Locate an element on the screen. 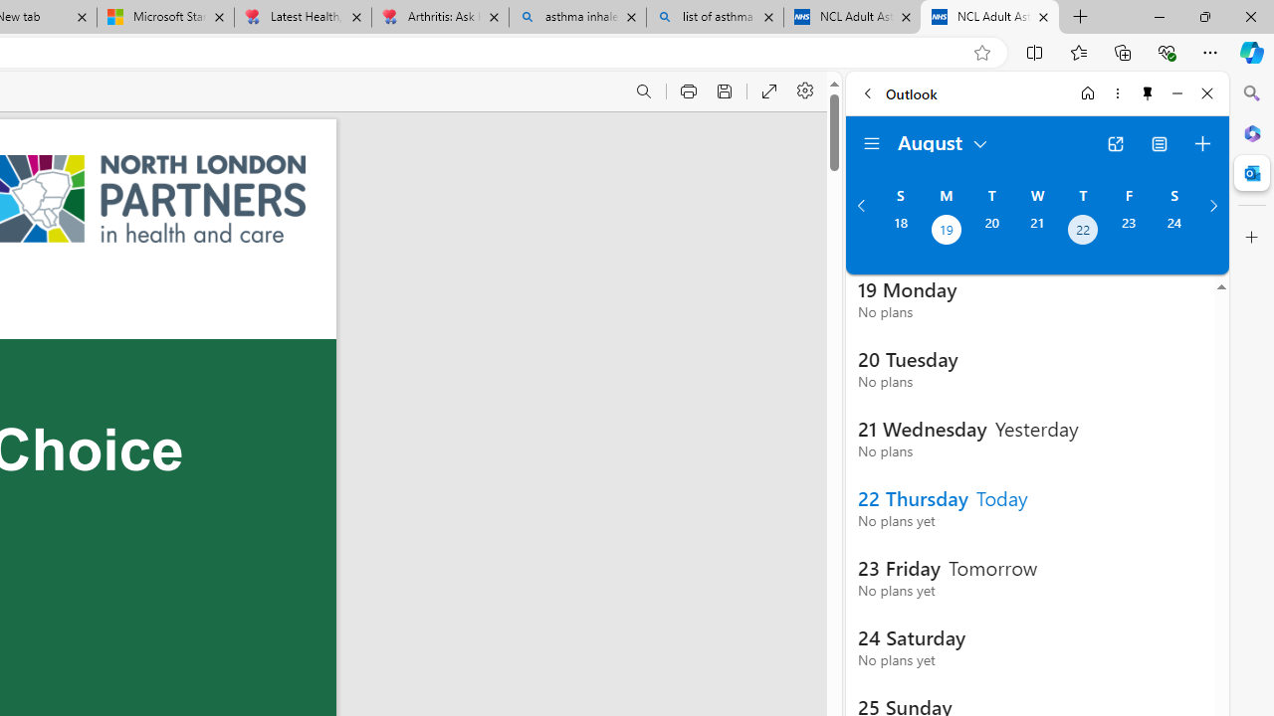  'Save (Ctrl+S)' is located at coordinates (724, 91).